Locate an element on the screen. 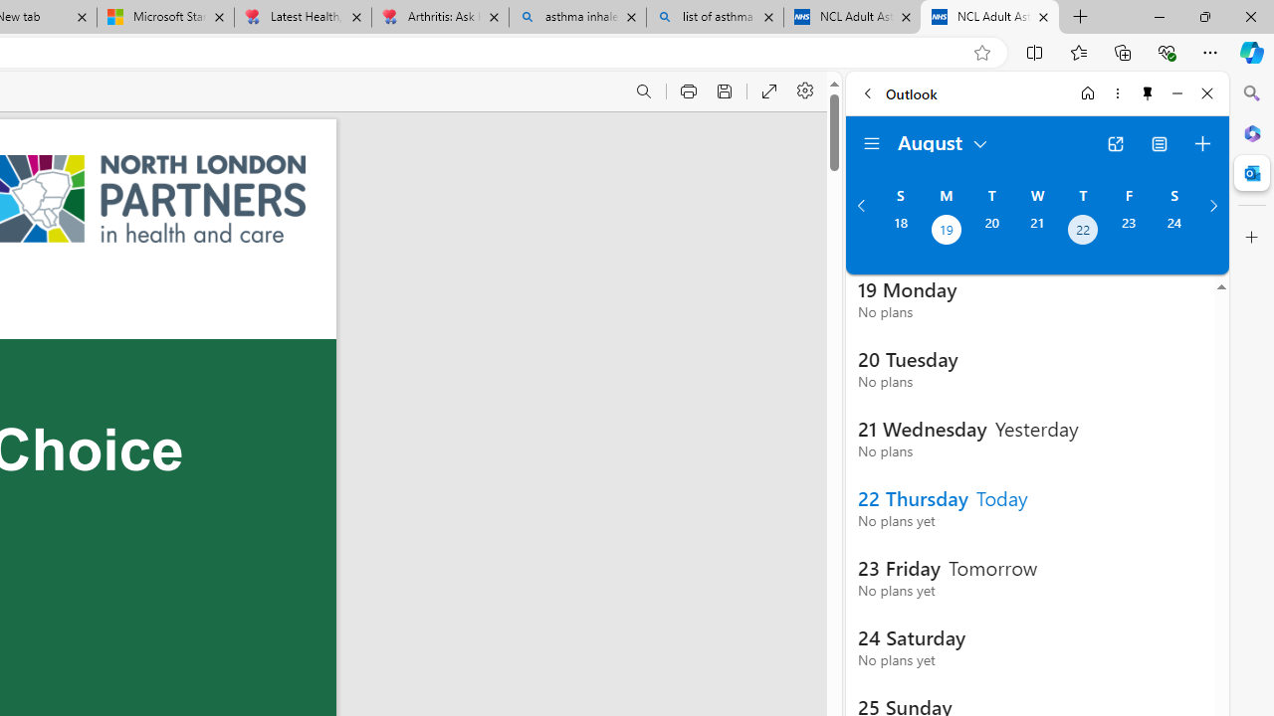  'Save (Ctrl+S)' is located at coordinates (724, 91).